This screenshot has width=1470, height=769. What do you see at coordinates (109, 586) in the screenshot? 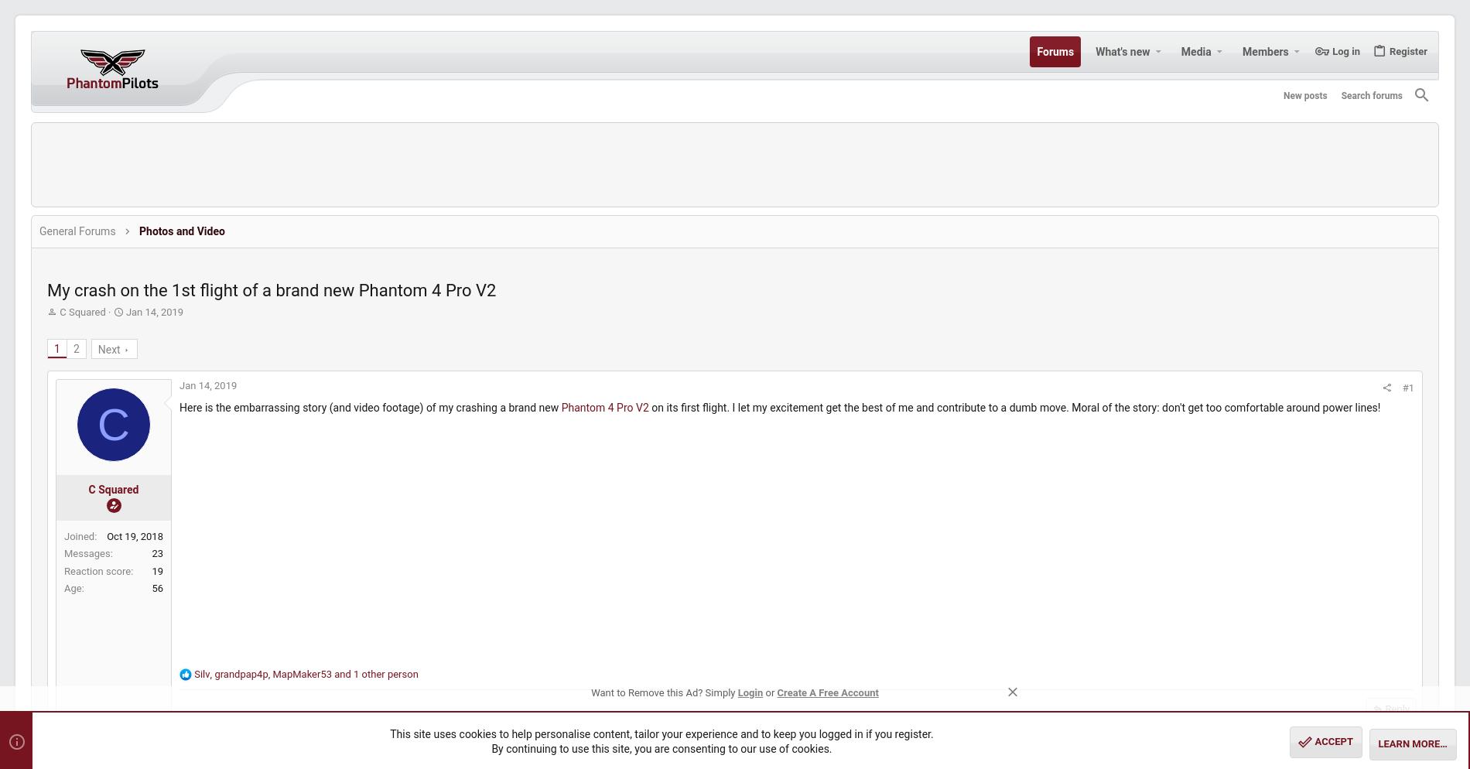
I see `'Age'` at bounding box center [109, 586].